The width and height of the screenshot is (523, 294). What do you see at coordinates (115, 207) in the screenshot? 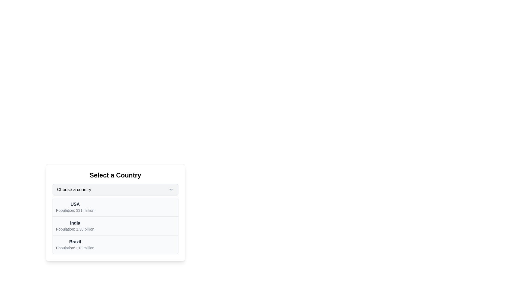
I see `the first selectable item in the dropdown list titled 'Choose a country', which provides information about the USA's name and population` at bounding box center [115, 207].